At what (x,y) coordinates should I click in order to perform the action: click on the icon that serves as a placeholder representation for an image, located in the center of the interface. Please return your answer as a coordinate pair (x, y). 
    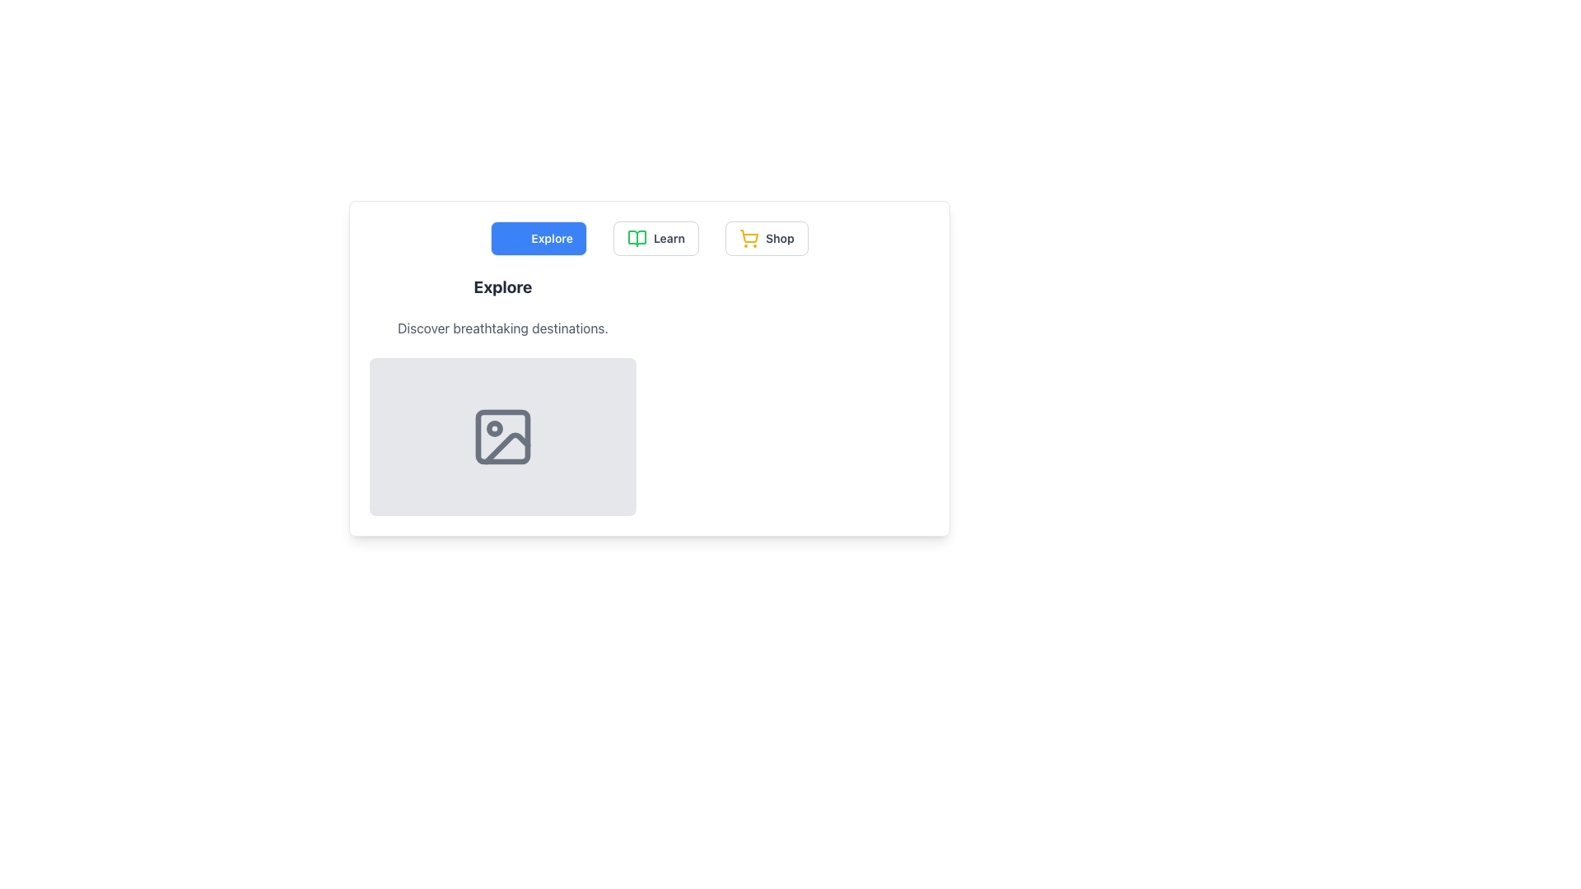
    Looking at the image, I should click on (501, 436).